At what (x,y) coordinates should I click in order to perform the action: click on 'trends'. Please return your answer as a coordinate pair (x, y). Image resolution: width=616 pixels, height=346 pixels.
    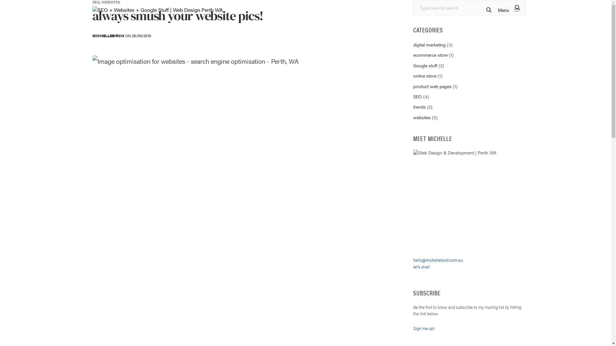
    Looking at the image, I should click on (419, 106).